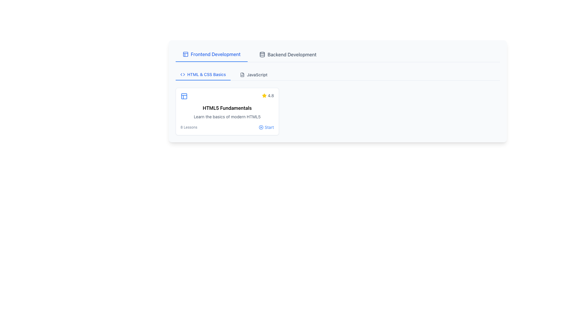 The image size is (564, 317). I want to click on the small rectangular shape with rounded corners located in the top-left corner of the SVG-based icon in the HTML & CSS Basics section, so click(184, 96).